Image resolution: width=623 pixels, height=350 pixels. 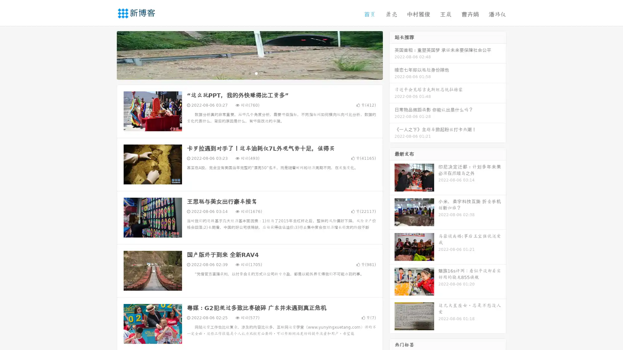 What do you see at coordinates (249, 73) in the screenshot?
I see `Go to slide 2` at bounding box center [249, 73].